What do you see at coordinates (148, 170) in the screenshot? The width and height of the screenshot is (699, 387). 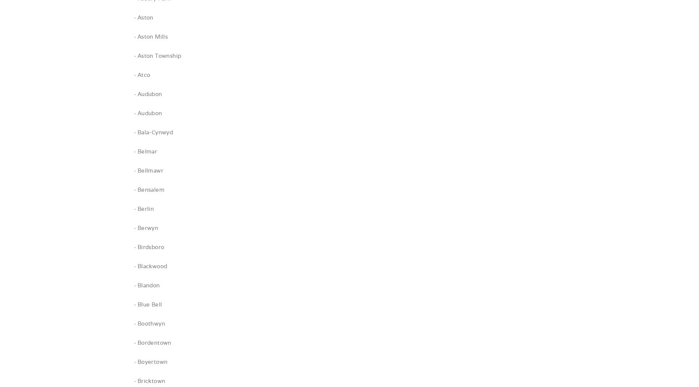 I see `'· Bellmawr'` at bounding box center [148, 170].